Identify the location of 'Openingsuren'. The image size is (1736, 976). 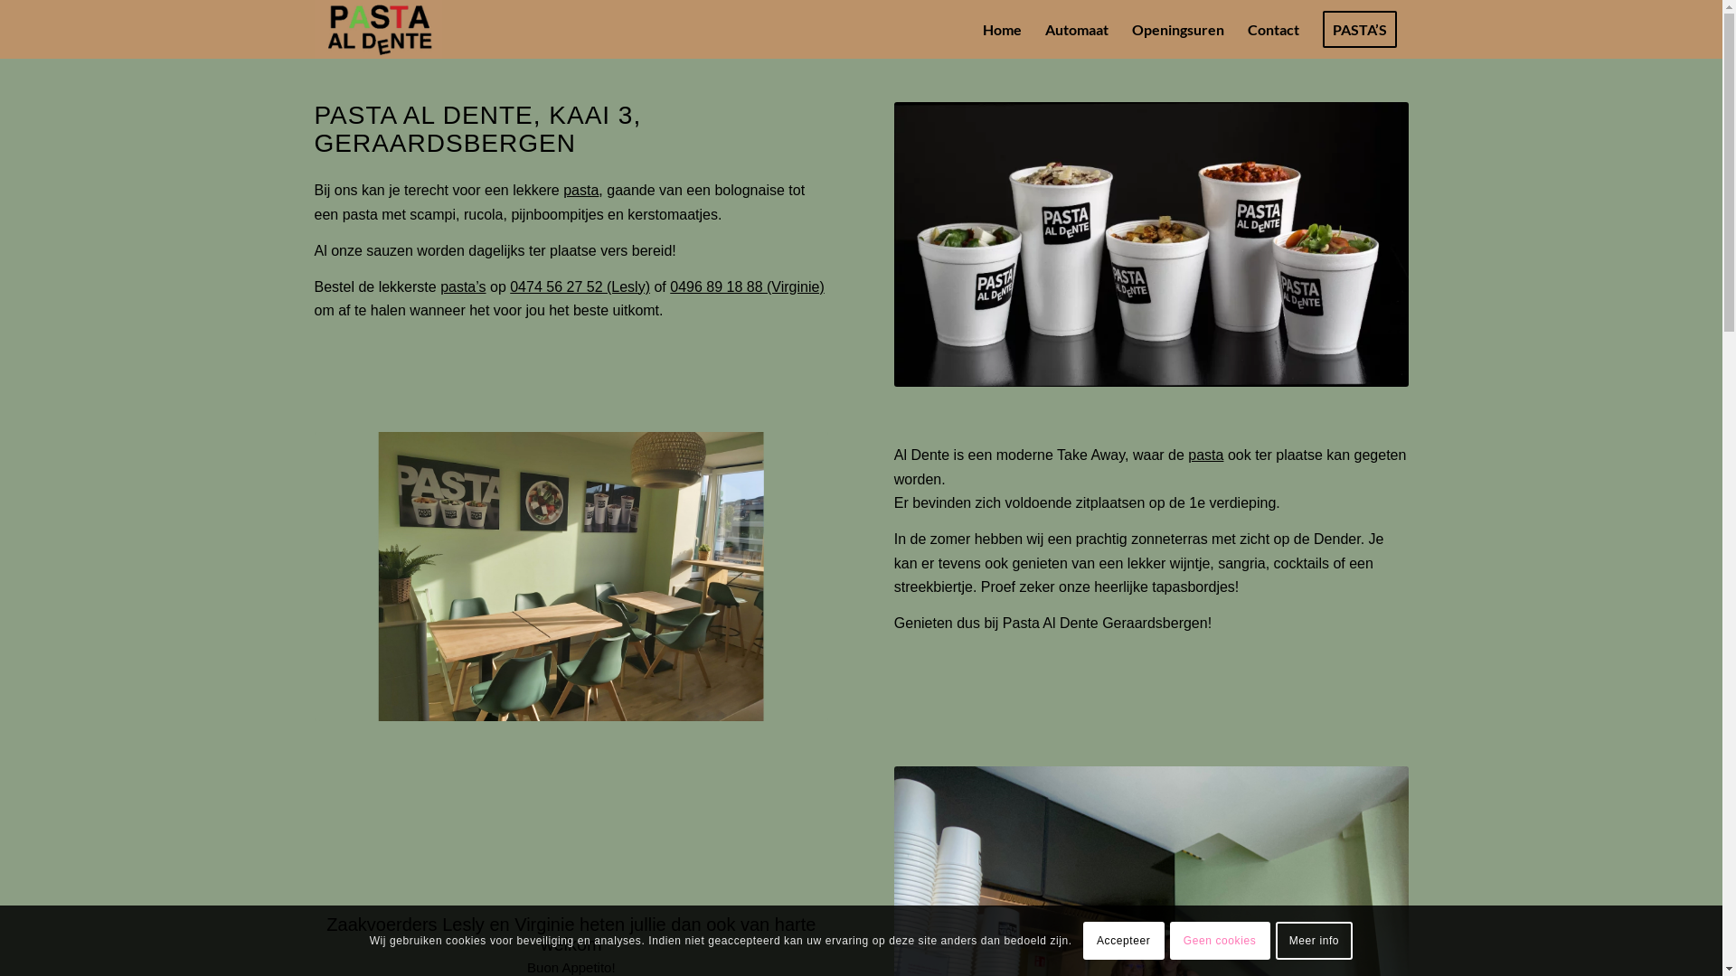
(1176, 29).